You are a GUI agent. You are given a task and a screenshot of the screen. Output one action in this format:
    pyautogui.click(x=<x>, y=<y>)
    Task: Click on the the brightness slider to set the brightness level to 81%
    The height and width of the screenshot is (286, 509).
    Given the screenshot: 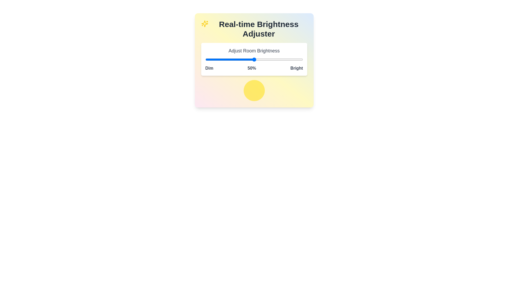 What is the action you would take?
    pyautogui.click(x=284, y=59)
    